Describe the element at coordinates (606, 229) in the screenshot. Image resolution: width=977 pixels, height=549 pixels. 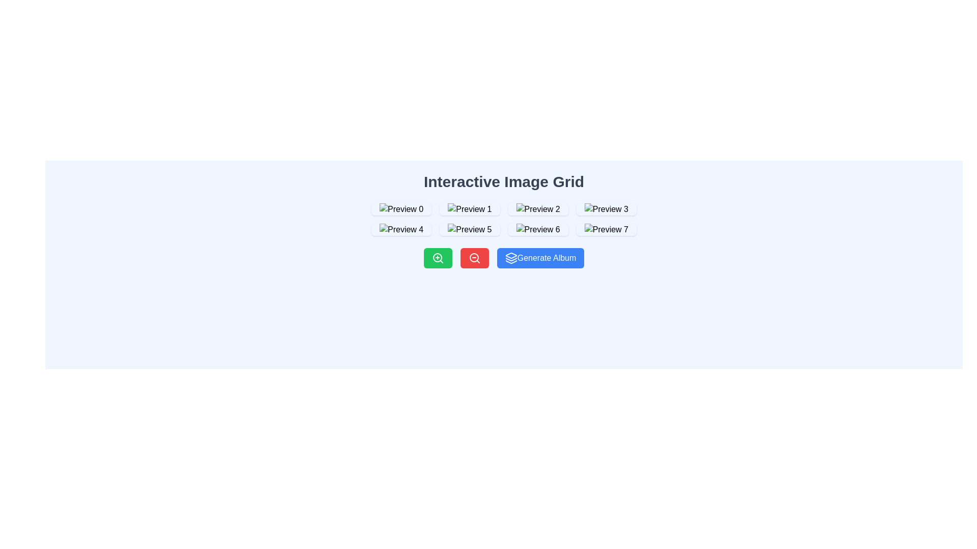
I see `the Interactive grid item with the text 'Preview 7' located in the bottom row of the grid layout, specifically in the rightmost column` at that location.